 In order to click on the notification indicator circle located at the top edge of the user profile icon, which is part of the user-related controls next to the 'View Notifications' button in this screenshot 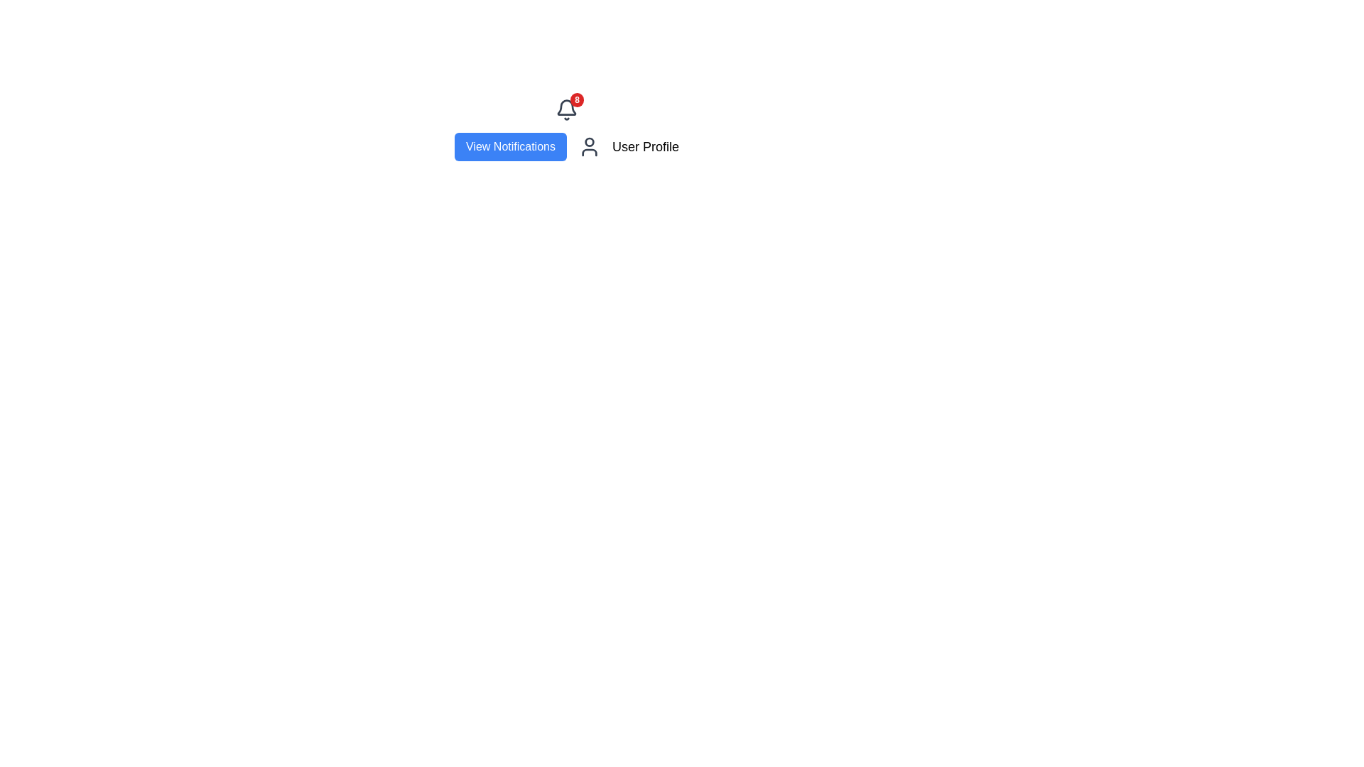, I will do `click(590, 142)`.